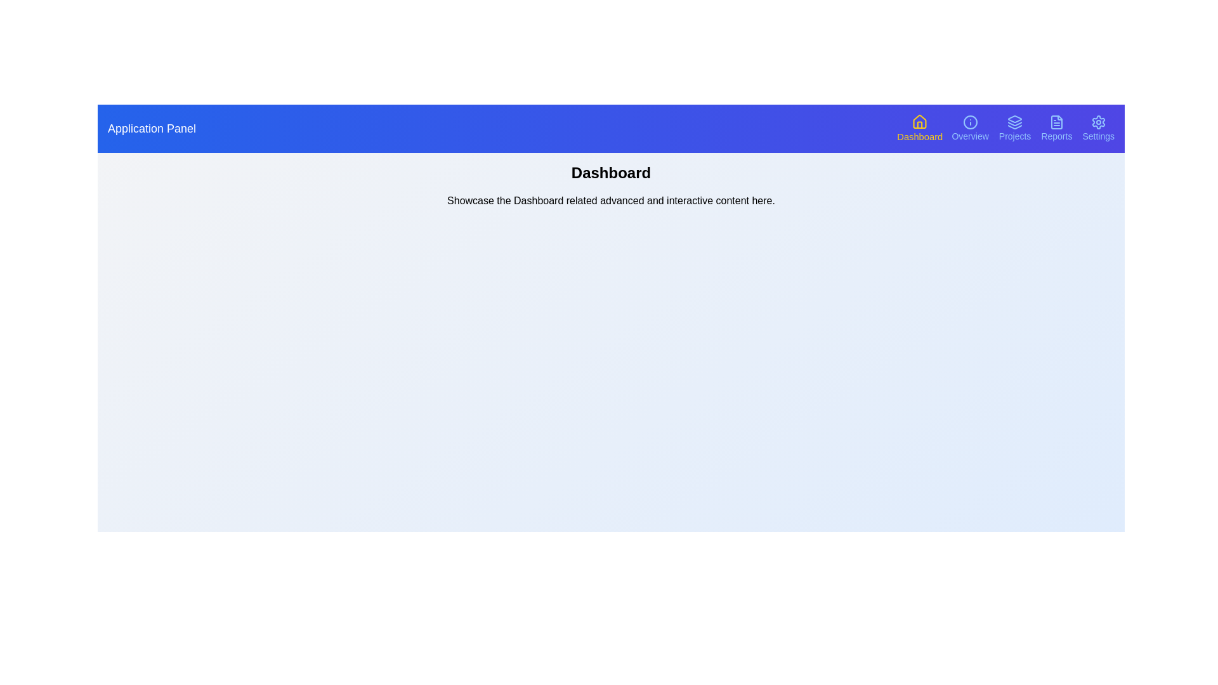 Image resolution: width=1218 pixels, height=685 pixels. I want to click on the Settings section by clicking its corresponding navigation button, so click(1097, 129).